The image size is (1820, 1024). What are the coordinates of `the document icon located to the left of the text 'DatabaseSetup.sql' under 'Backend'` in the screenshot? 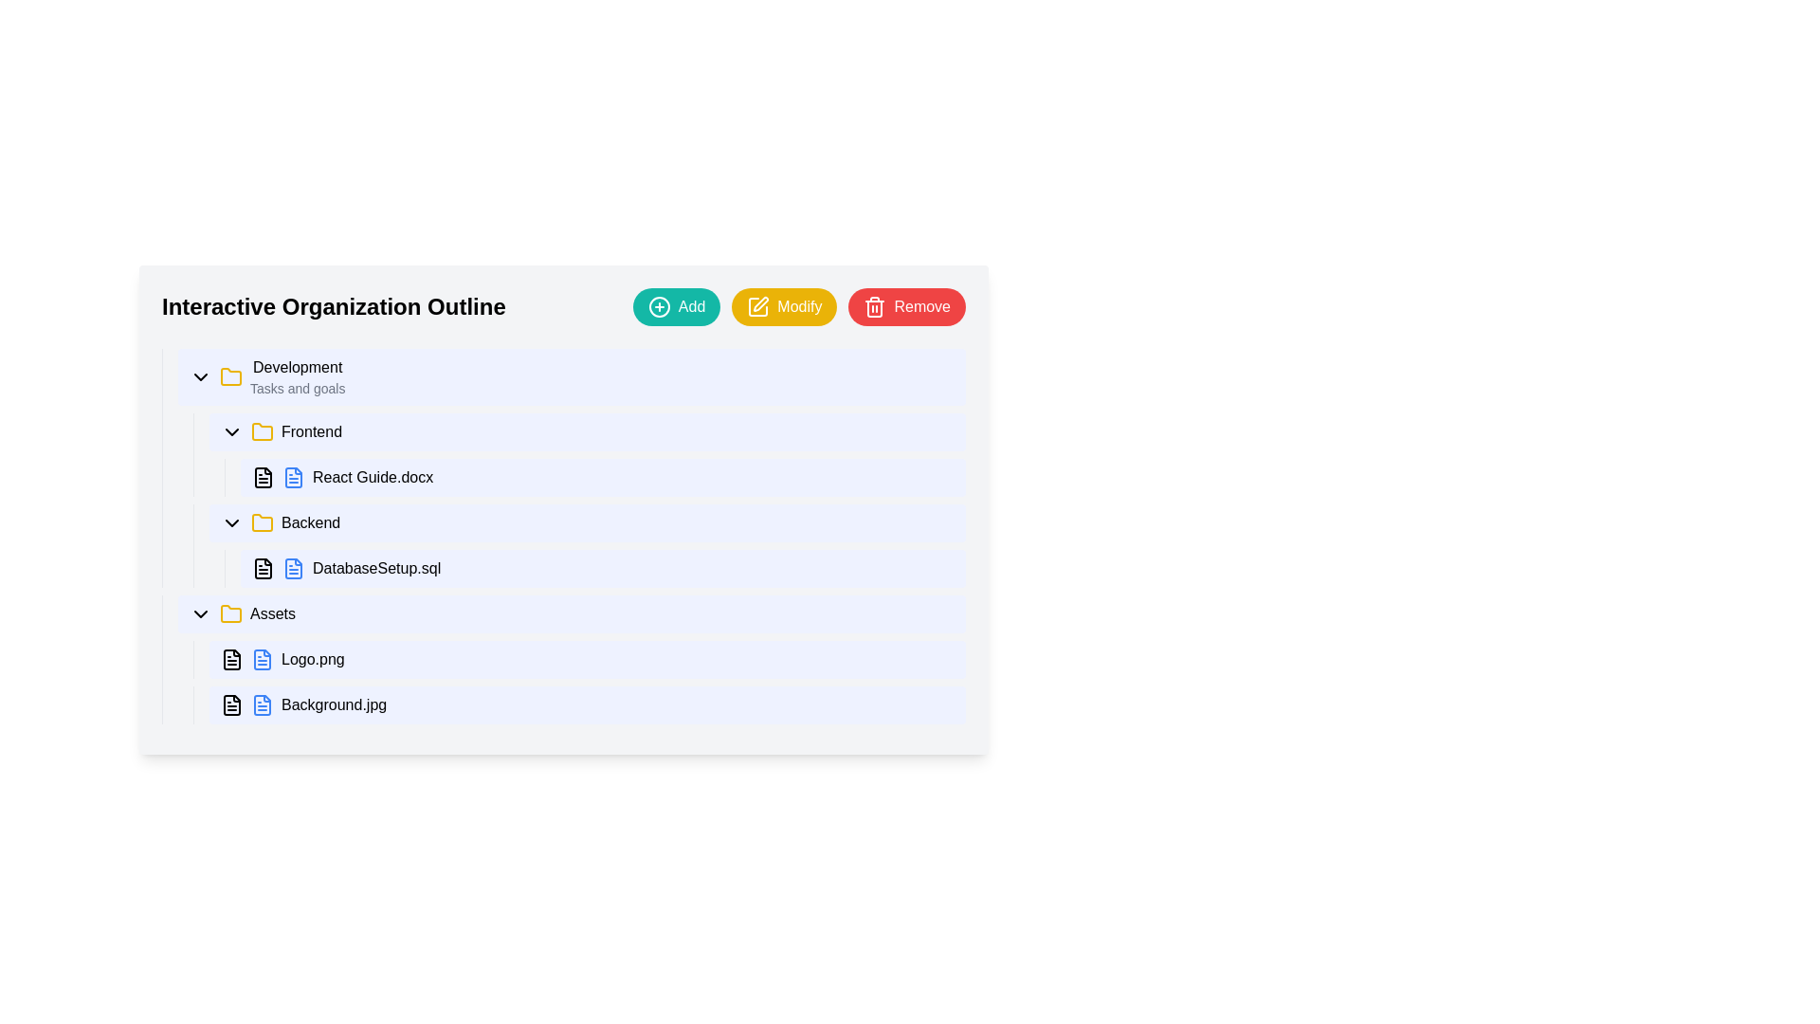 It's located at (263, 568).